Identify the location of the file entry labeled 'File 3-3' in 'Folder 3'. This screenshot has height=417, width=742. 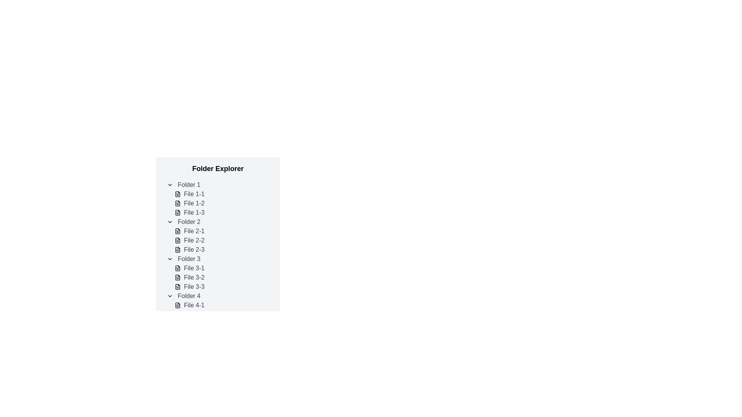
(222, 287).